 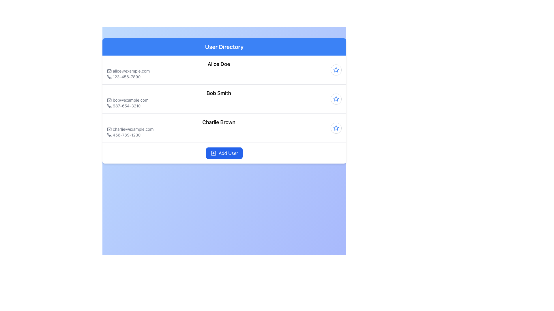 I want to click on the second item, so click(x=224, y=99).